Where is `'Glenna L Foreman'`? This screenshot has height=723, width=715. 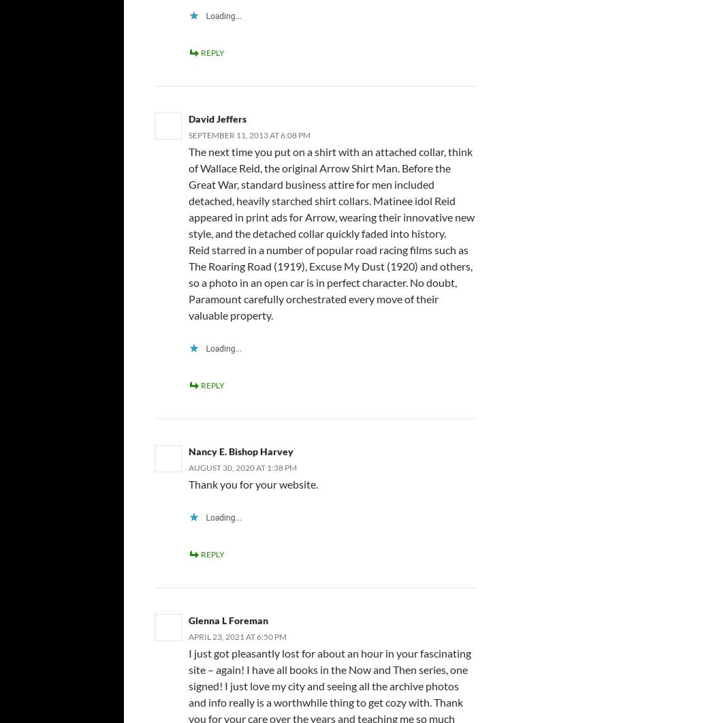 'Glenna L Foreman' is located at coordinates (227, 619).